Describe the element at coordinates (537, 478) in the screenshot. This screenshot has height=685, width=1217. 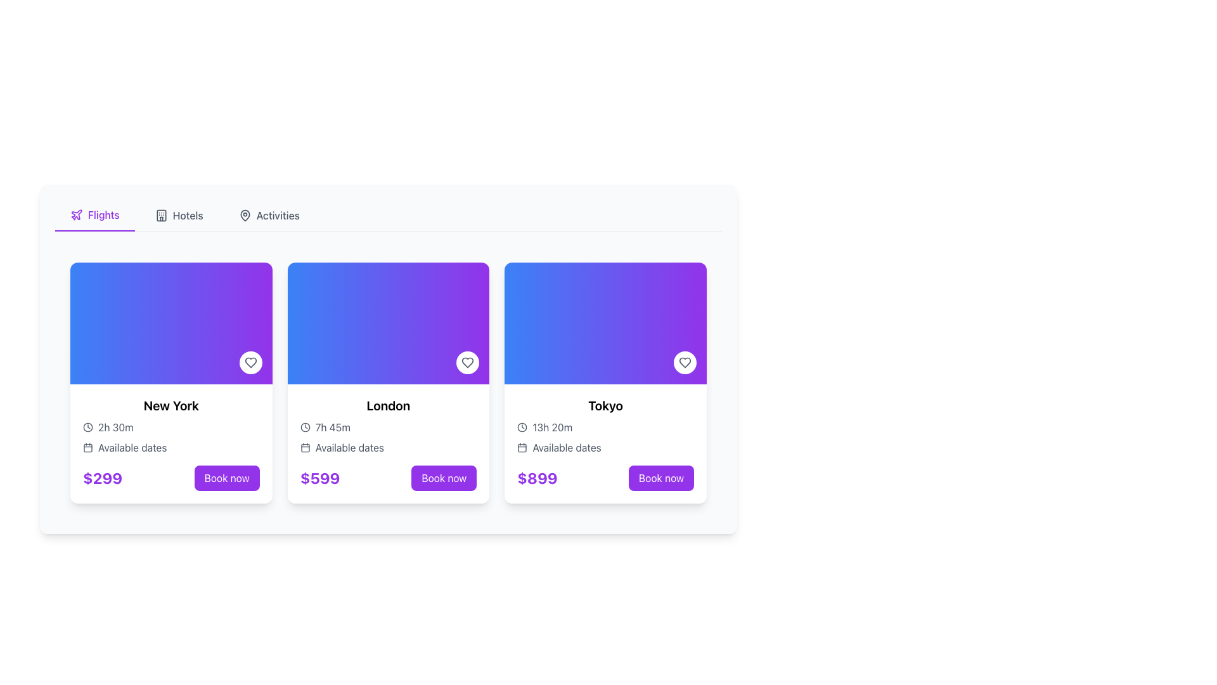
I see `the price information Text label for the Tokyo travel package, located at the bottom-left of the Tokyo card, above the 'Book now' button` at that location.